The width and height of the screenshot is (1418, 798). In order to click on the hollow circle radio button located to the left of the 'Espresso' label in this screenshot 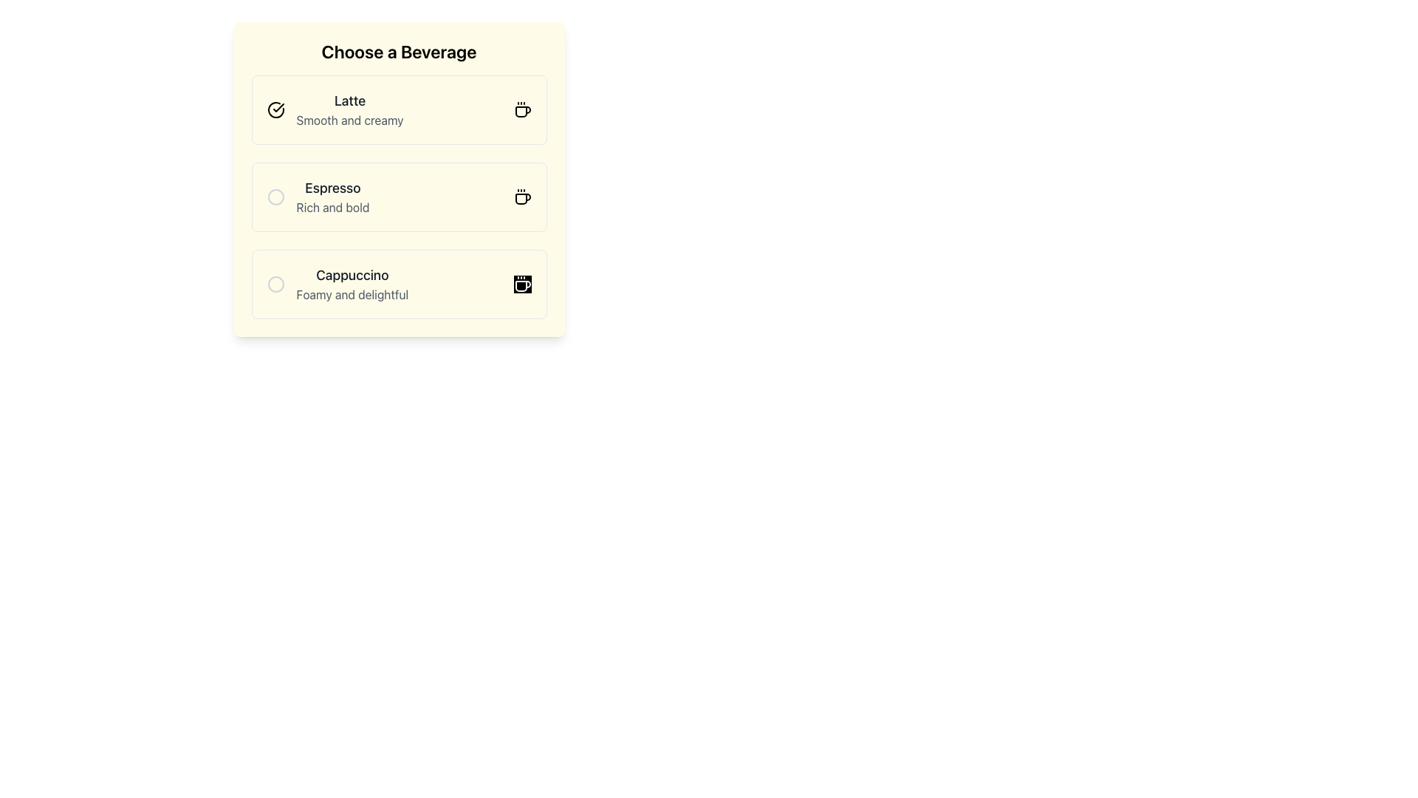, I will do `click(275, 196)`.